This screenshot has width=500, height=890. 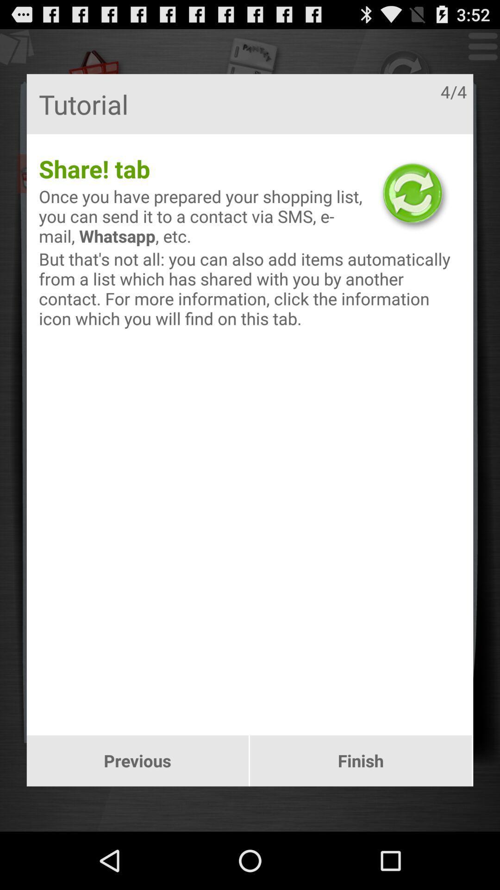 What do you see at coordinates (360, 761) in the screenshot?
I see `finish` at bounding box center [360, 761].